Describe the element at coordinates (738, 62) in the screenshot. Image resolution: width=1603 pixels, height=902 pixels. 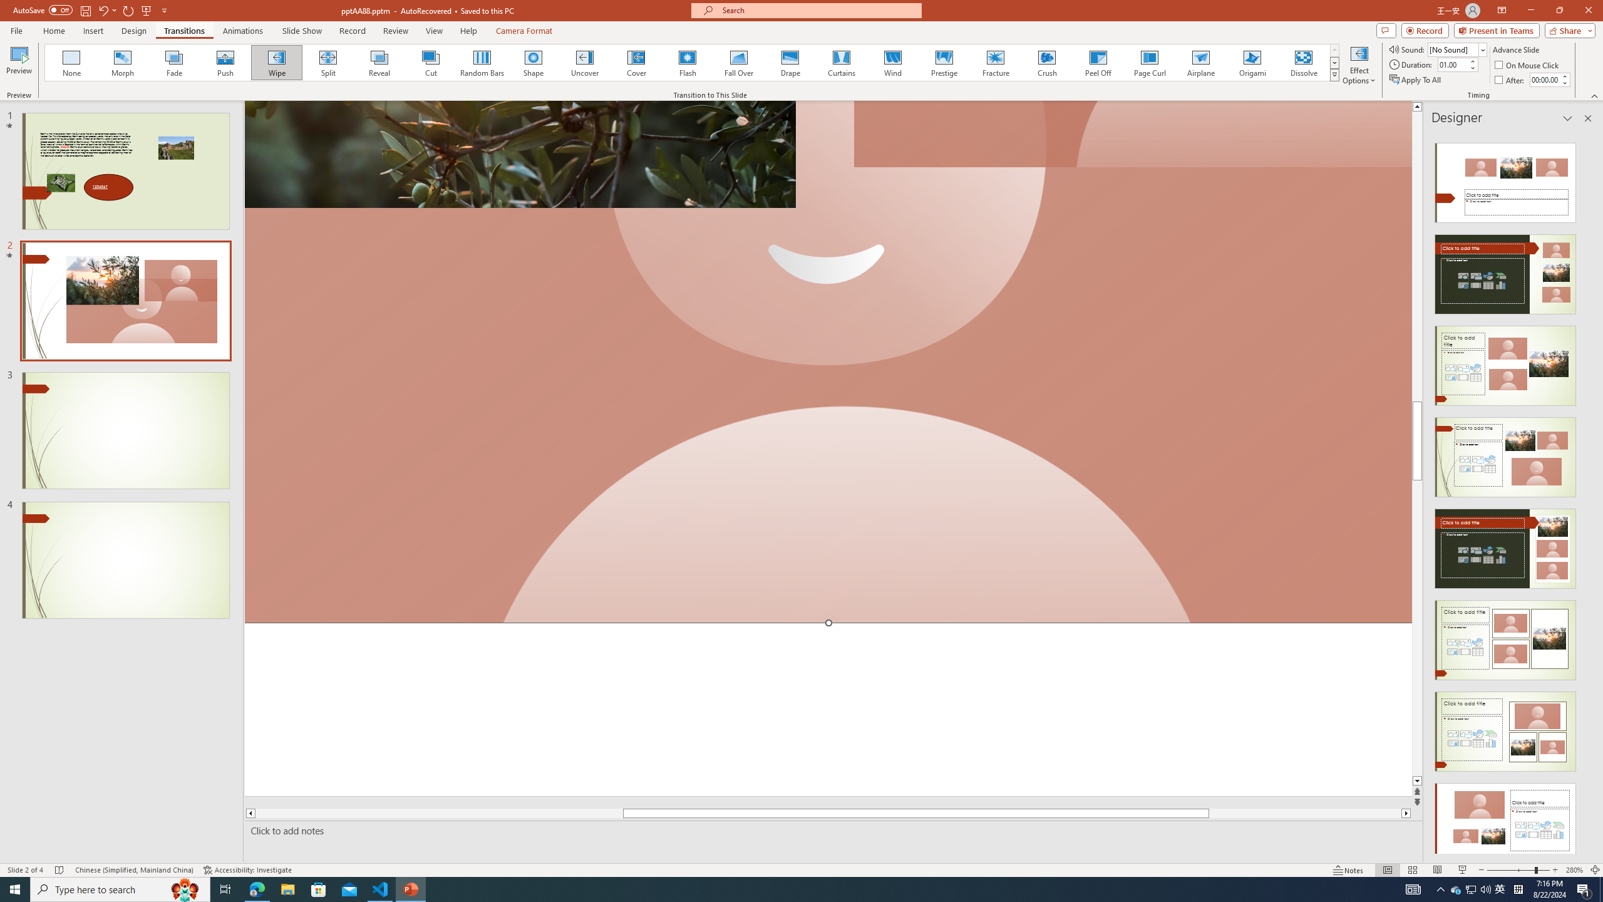
I see `'Fall Over'` at that location.